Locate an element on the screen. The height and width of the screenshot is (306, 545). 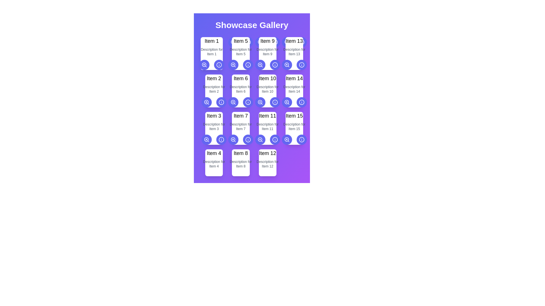
the zoom button located to the left of the second button under 'Item 5' in the grid layout is located at coordinates (233, 64).